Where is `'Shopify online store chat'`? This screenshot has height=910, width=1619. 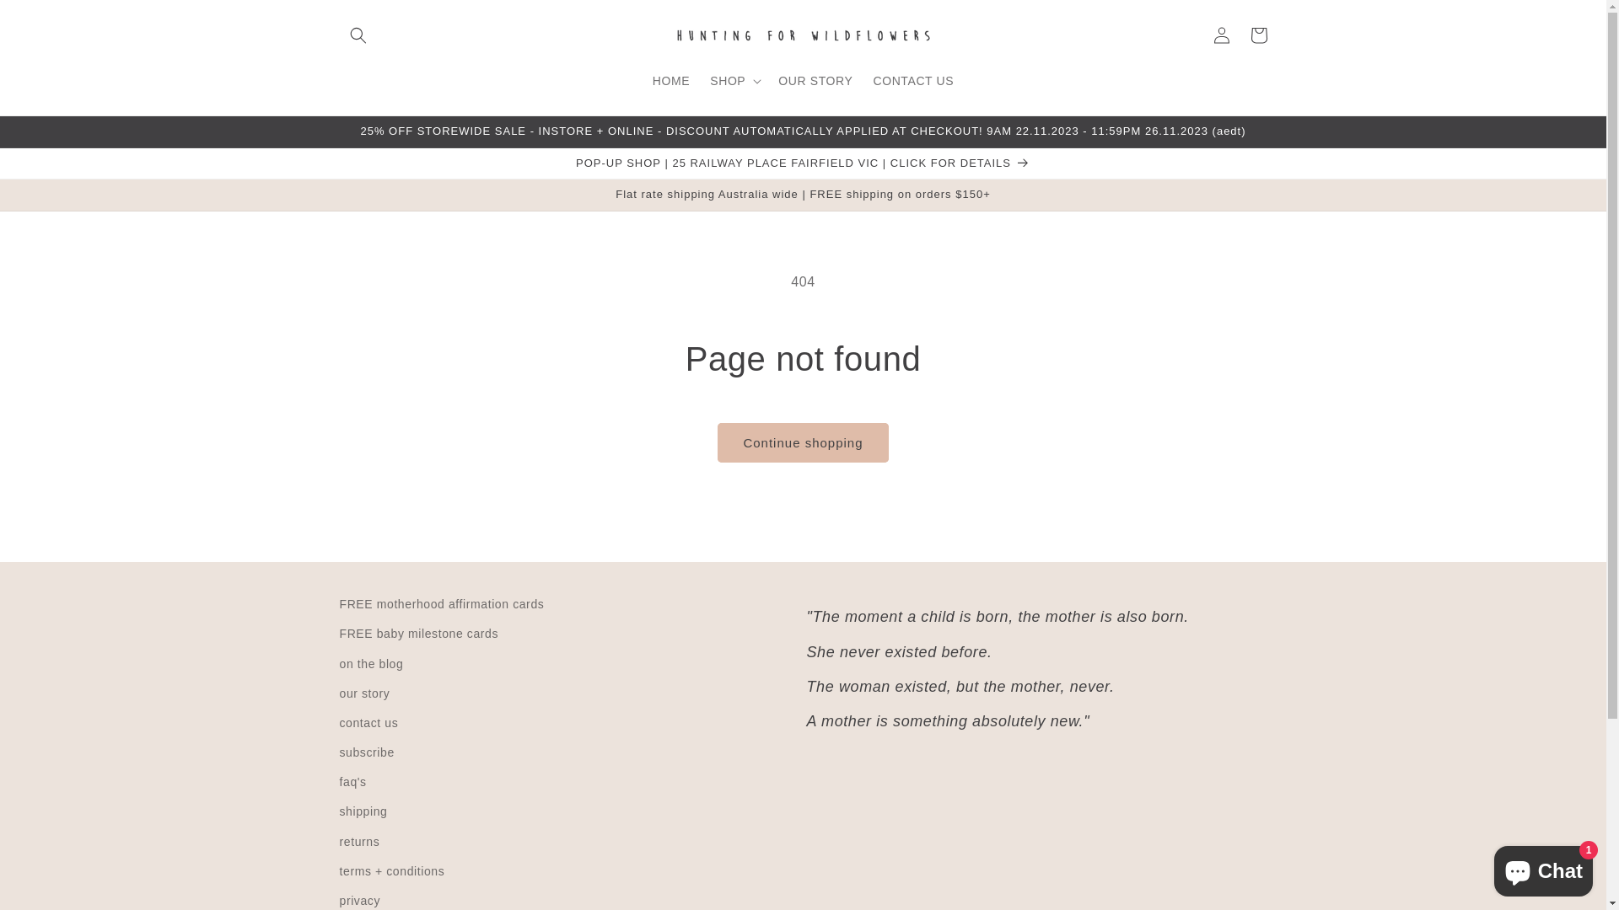
'Shopify online store chat' is located at coordinates (1543, 867).